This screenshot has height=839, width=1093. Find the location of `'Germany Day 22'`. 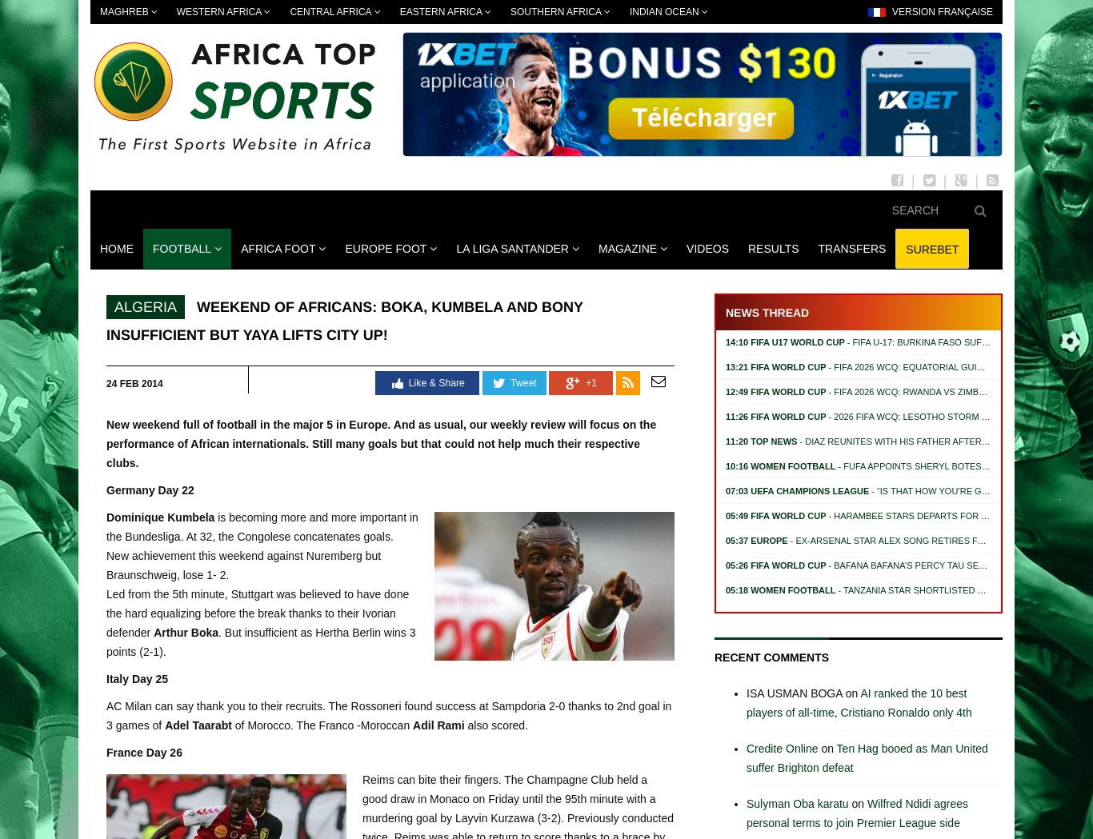

'Germany Day 22' is located at coordinates (149, 489).